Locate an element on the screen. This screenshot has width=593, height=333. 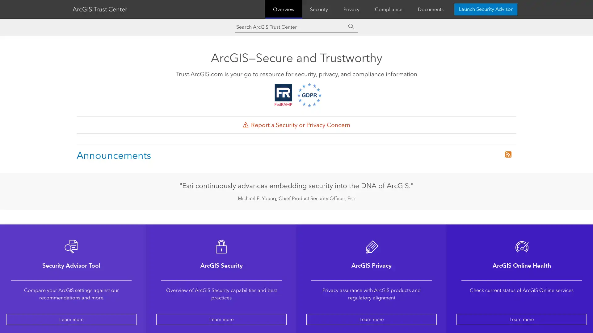
Products is located at coordinates (120, 8).